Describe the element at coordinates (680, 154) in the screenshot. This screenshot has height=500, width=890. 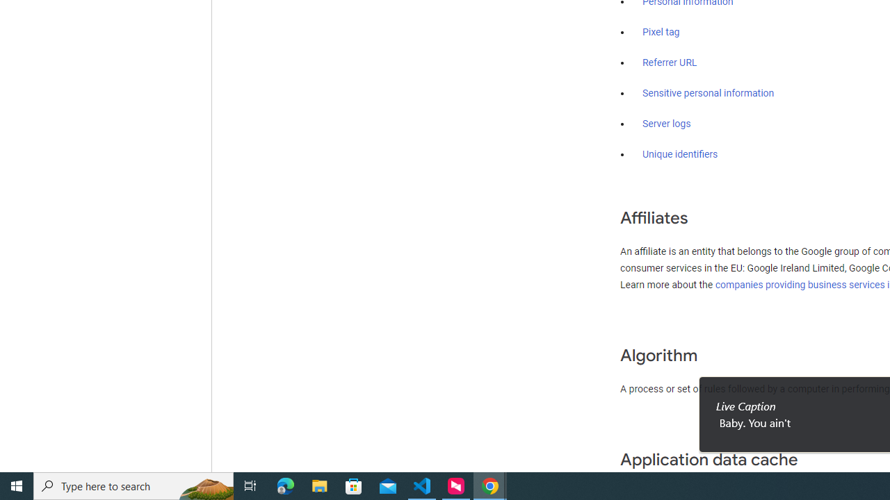
I see `'Unique identifiers'` at that location.